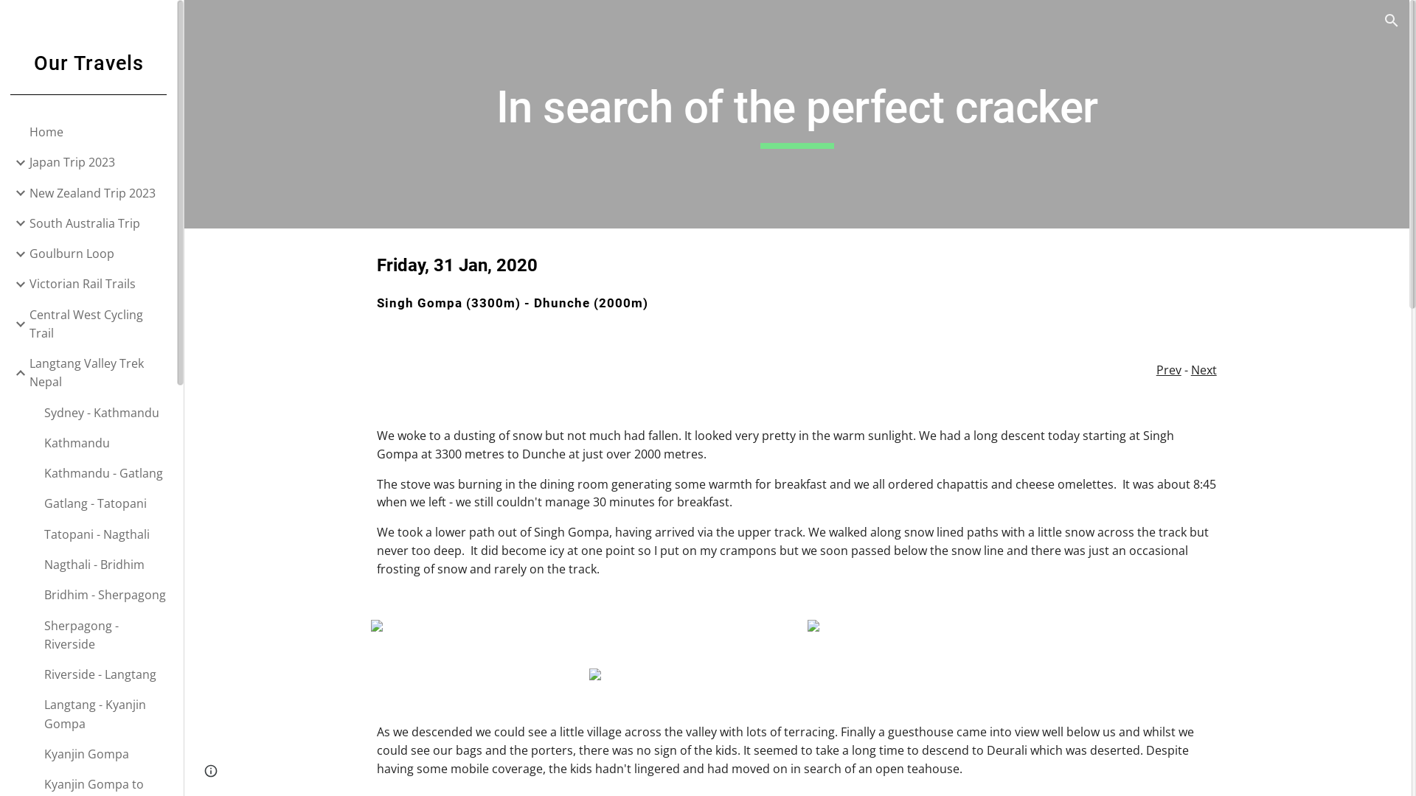 The width and height of the screenshot is (1416, 796). What do you see at coordinates (16, 223) in the screenshot?
I see `'Expand/Collapse'` at bounding box center [16, 223].